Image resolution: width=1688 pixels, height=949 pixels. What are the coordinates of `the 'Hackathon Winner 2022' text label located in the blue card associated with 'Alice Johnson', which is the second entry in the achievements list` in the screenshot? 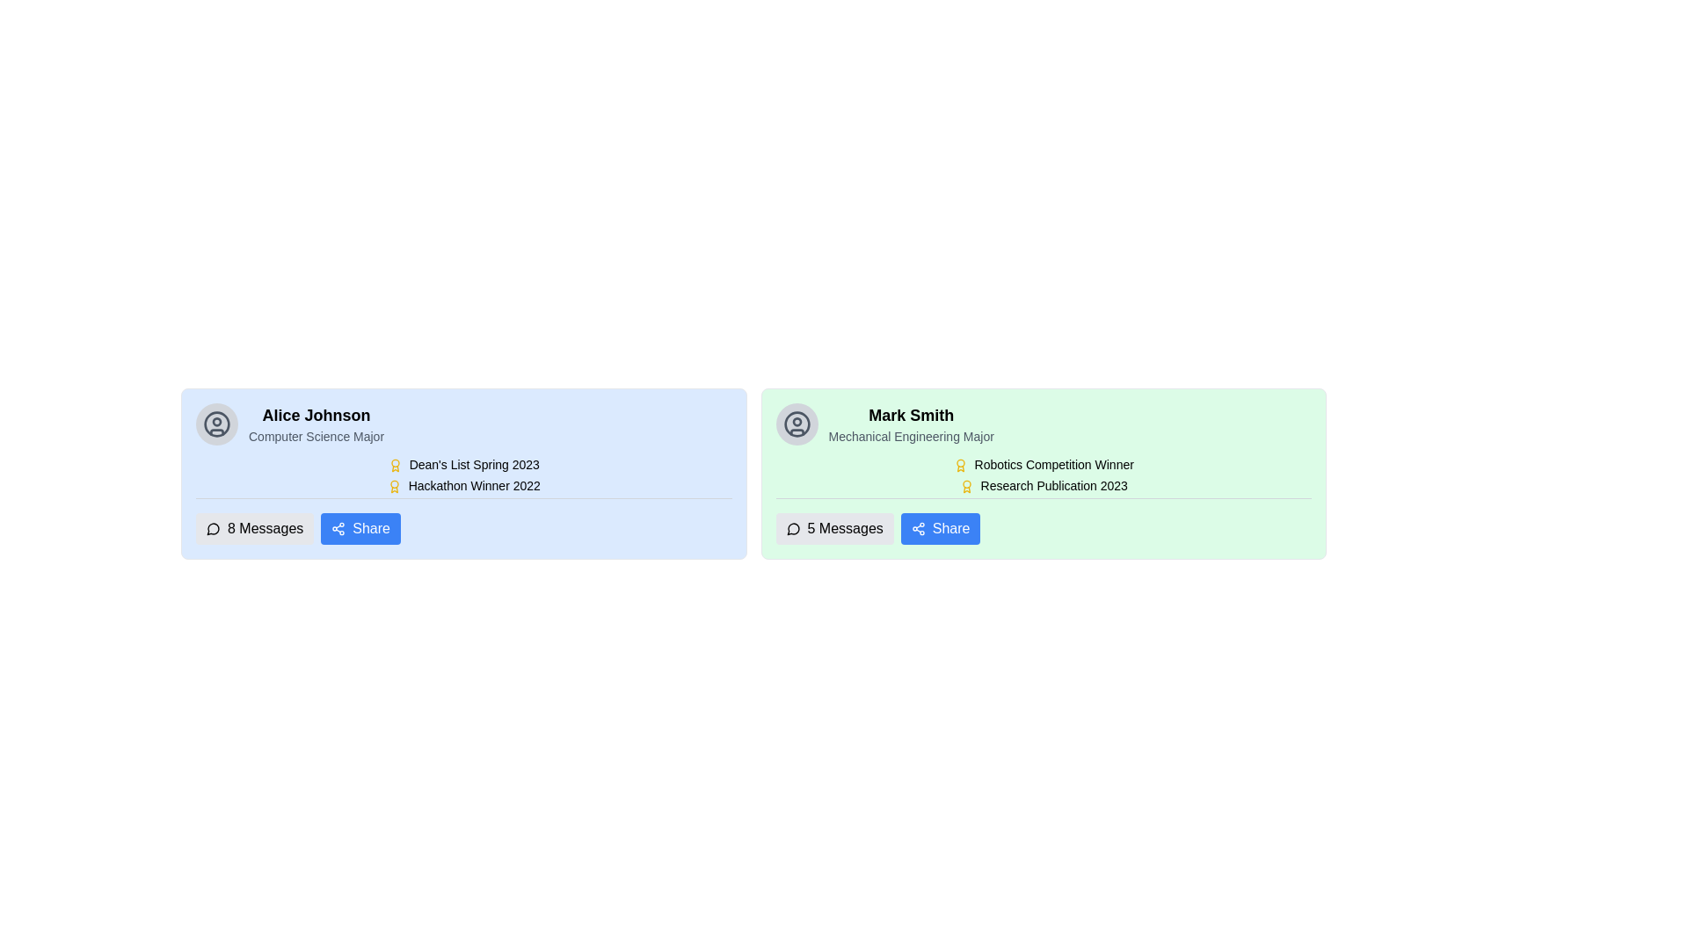 It's located at (463, 485).